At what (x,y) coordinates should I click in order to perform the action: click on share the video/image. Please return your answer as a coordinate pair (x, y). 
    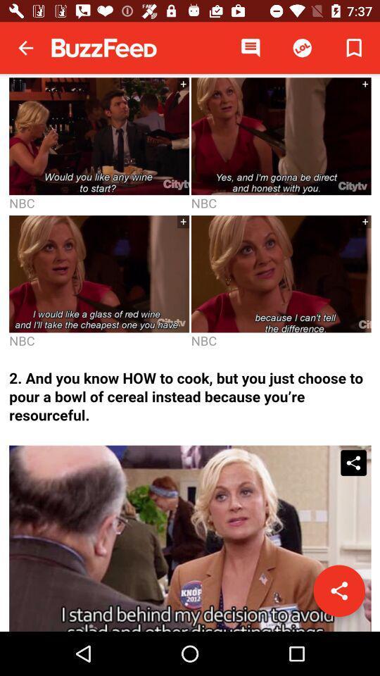
    Looking at the image, I should click on (338, 591).